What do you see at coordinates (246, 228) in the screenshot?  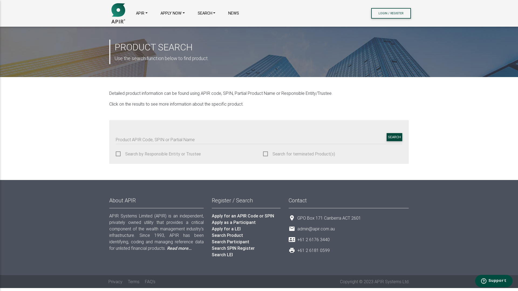 I see `'Apply for a LEI'` at bounding box center [246, 228].